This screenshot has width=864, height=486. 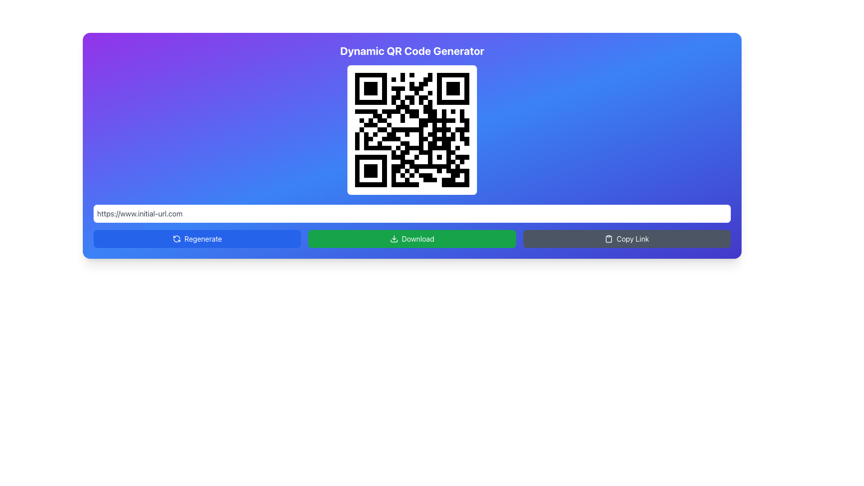 What do you see at coordinates (626, 238) in the screenshot?
I see `the 'Copy Link' button which has a dark gray background and white text, located at the rightmost position in the row of three buttons` at bounding box center [626, 238].